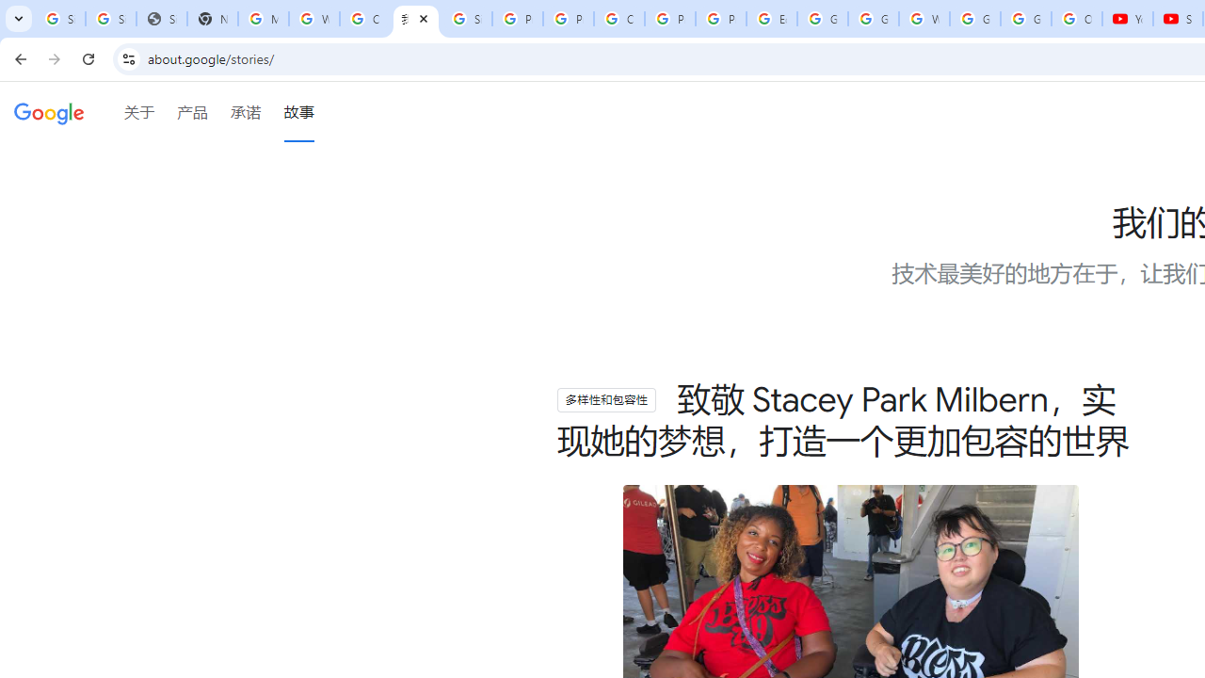 The image size is (1205, 678). What do you see at coordinates (60, 19) in the screenshot?
I see `'Sign in - Google Accounts'` at bounding box center [60, 19].